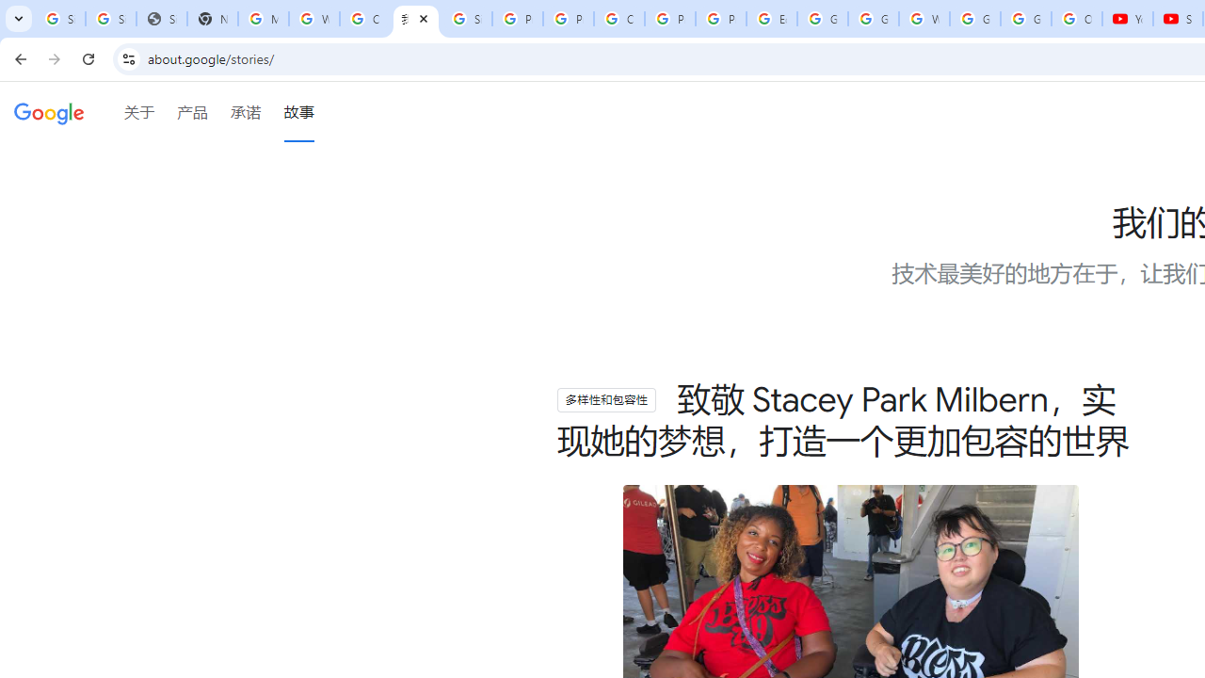 The image size is (1205, 678). What do you see at coordinates (60, 19) in the screenshot?
I see `'Sign in - Google Accounts'` at bounding box center [60, 19].